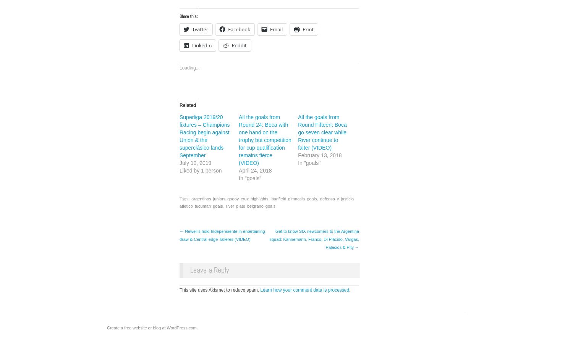 The image size is (573, 342). Describe the element at coordinates (179, 290) in the screenshot. I see `'This site uses Akismet to reduce spam.'` at that location.